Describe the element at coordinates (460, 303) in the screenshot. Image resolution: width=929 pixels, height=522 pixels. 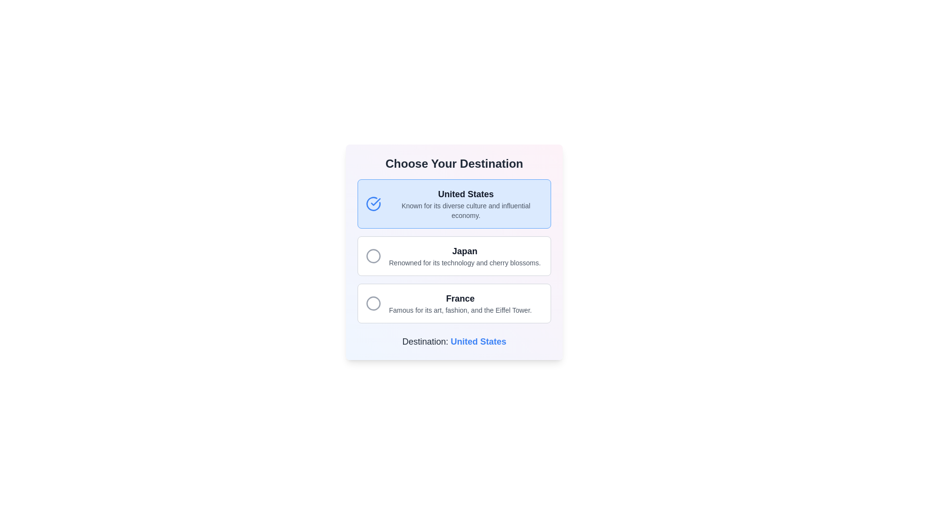
I see `the static text element displaying 'France' within the third option card under 'Choose Your Destination'` at that location.